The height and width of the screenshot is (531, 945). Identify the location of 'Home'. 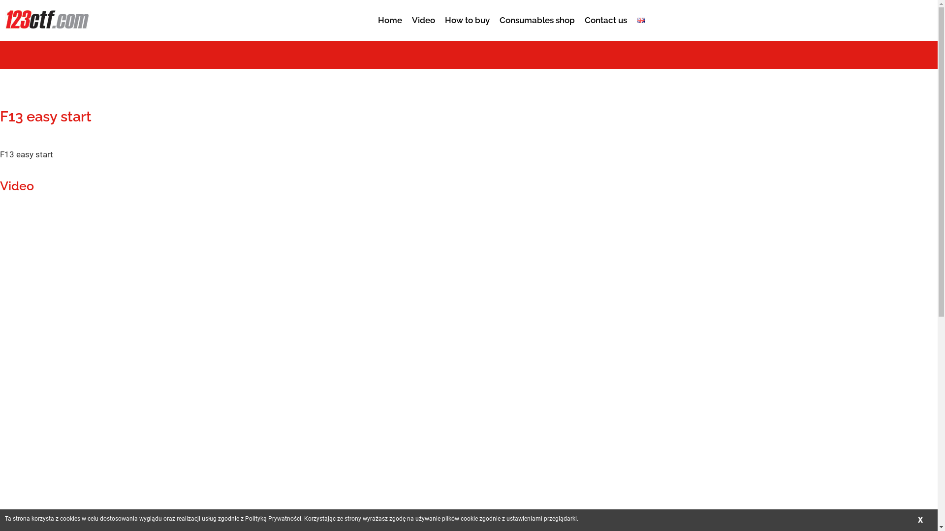
(373, 15).